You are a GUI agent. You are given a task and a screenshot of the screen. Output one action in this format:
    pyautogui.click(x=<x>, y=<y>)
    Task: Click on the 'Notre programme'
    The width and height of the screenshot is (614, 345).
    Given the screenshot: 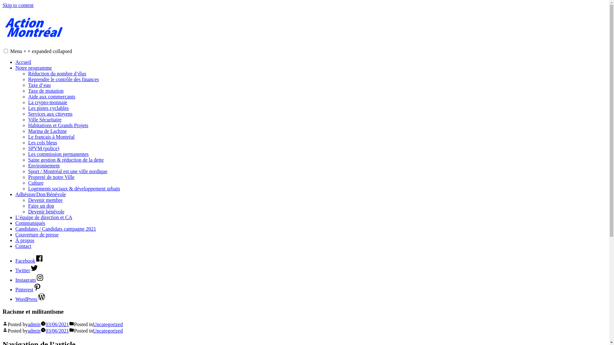 What is the action you would take?
    pyautogui.click(x=33, y=68)
    